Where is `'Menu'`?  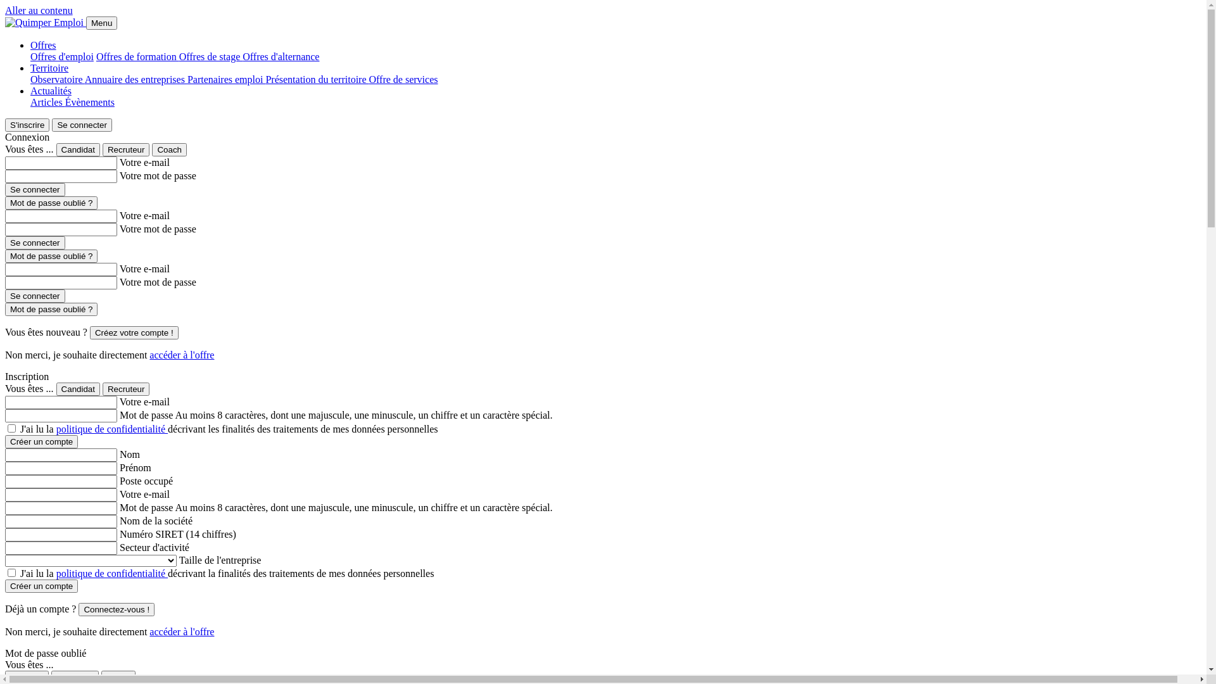 'Menu' is located at coordinates (101, 23).